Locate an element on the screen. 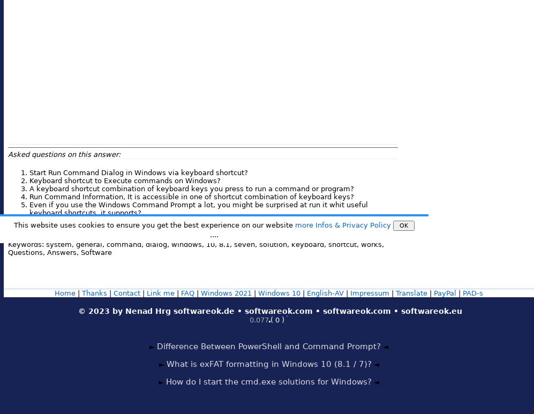 Image resolution: width=534 pixels, height=414 pixels. '0.077' is located at coordinates (259, 320).